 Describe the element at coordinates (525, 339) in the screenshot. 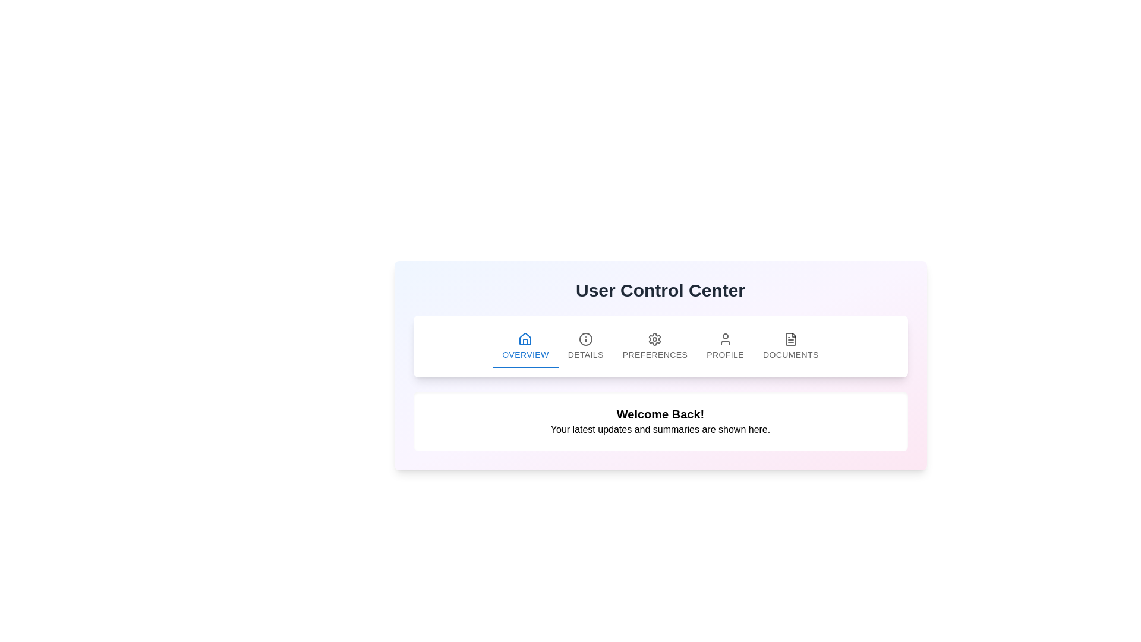

I see `the blue house icon located above the 'Overview' tab in the navigation menu` at that location.